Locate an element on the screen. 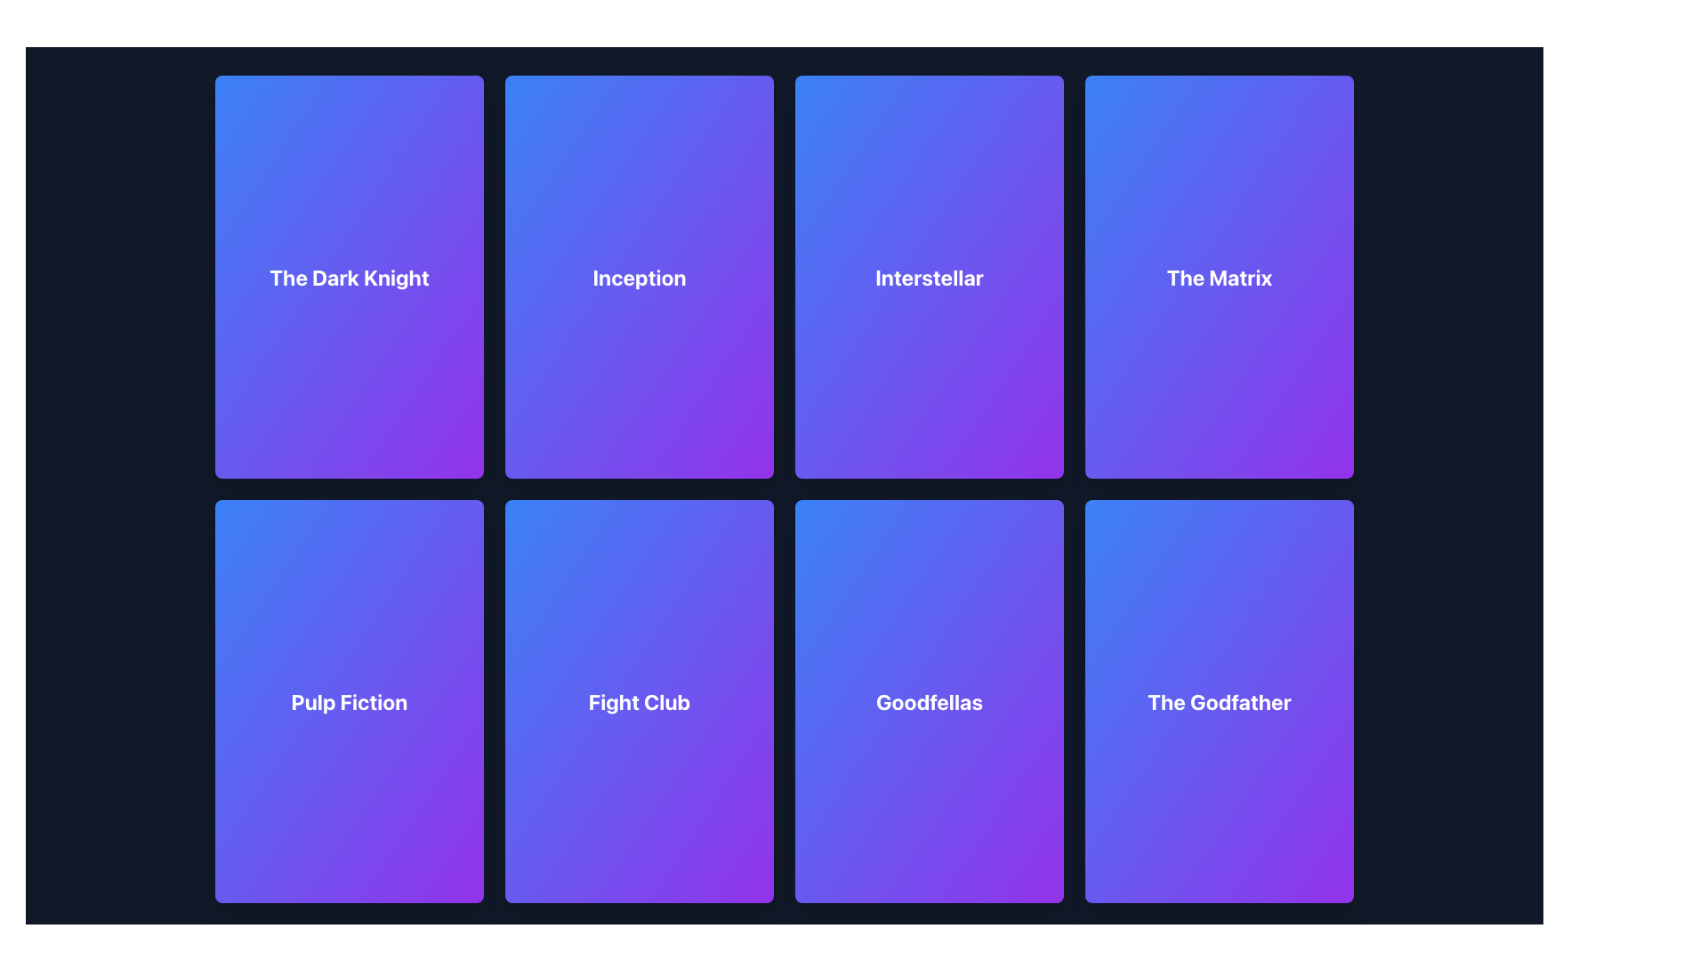  the card representing the movie 'Interstellar' located in the first row and third column of the grid is located at coordinates (929, 277).